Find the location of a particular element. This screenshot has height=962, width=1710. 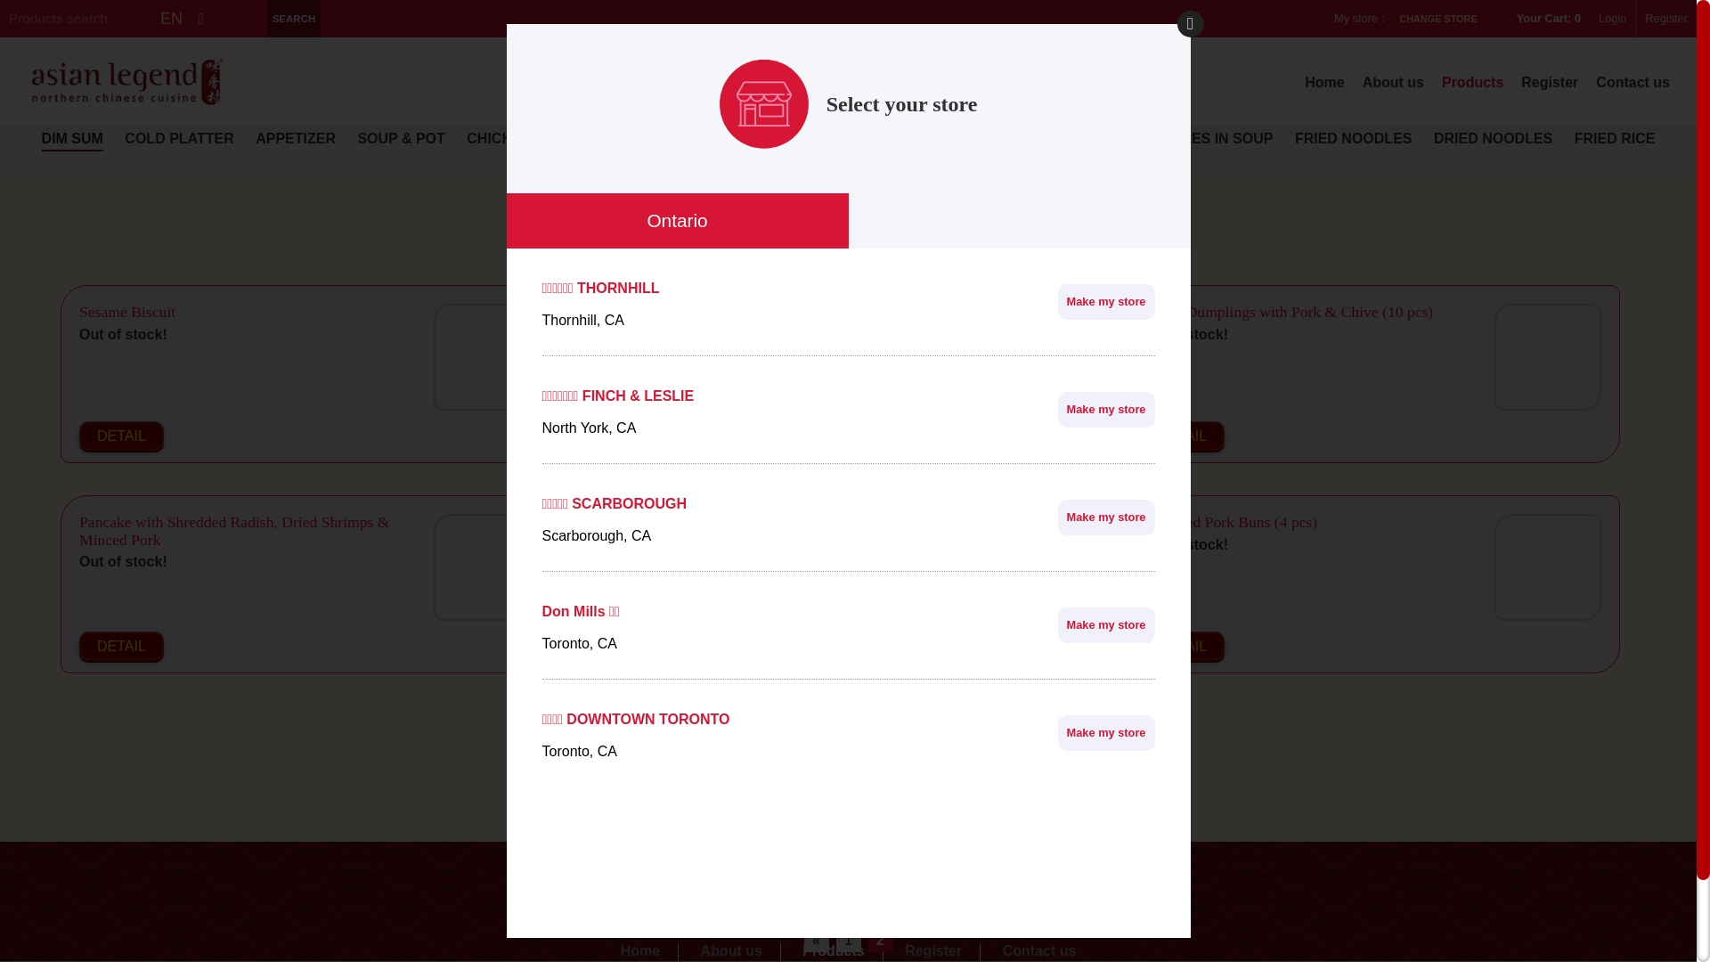

'FRIED NOODLES' is located at coordinates (1354, 137).